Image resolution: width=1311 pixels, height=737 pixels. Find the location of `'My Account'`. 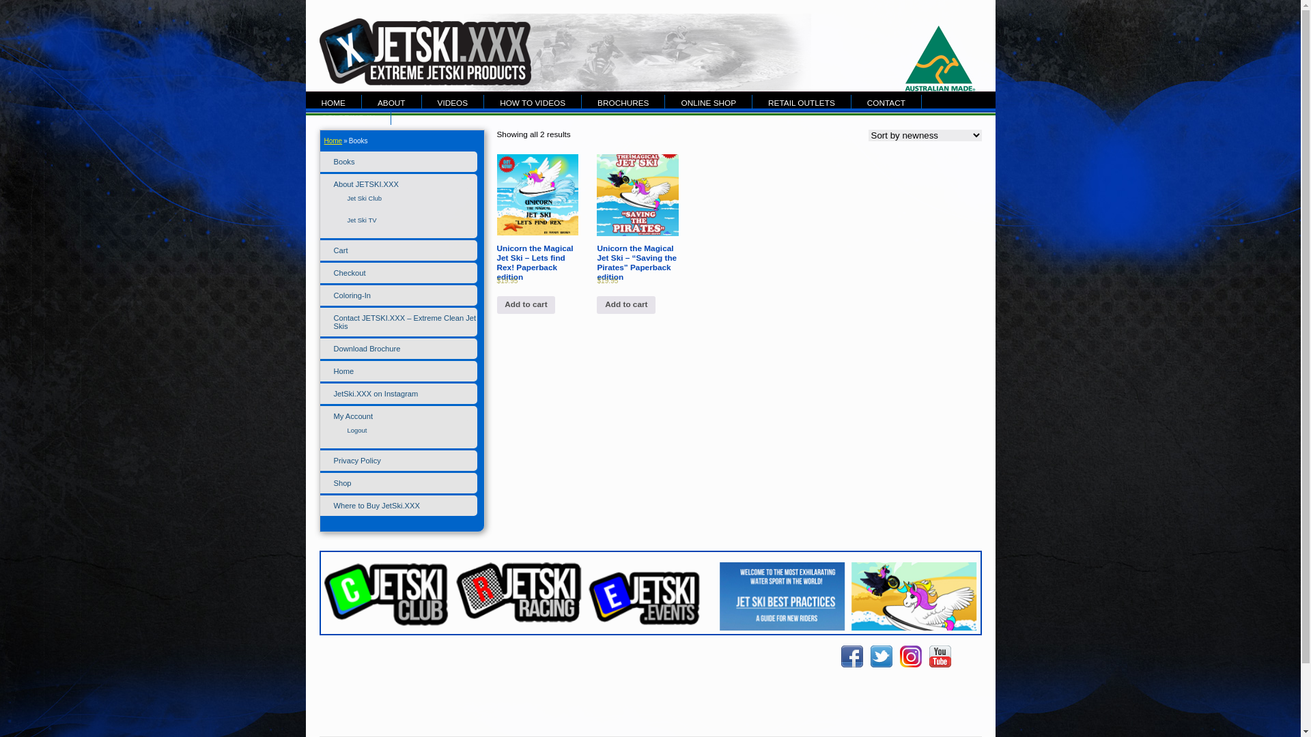

'My Account' is located at coordinates (353, 415).